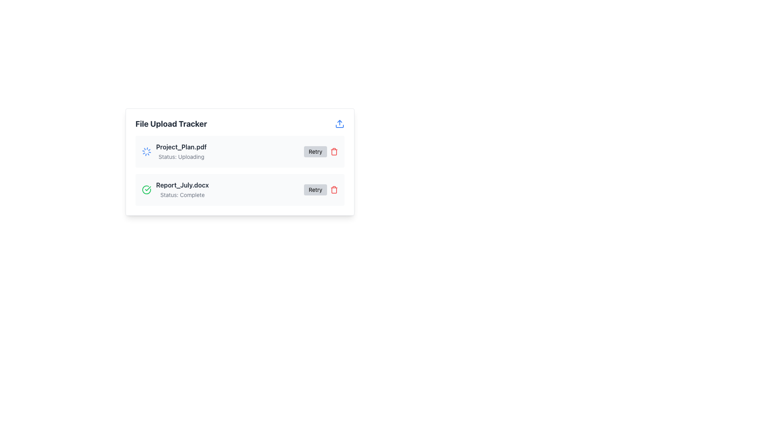  What do you see at coordinates (321, 151) in the screenshot?
I see `the retry upload button associated with the file 'Project_Plan.pdf' in the upper file entry section` at bounding box center [321, 151].